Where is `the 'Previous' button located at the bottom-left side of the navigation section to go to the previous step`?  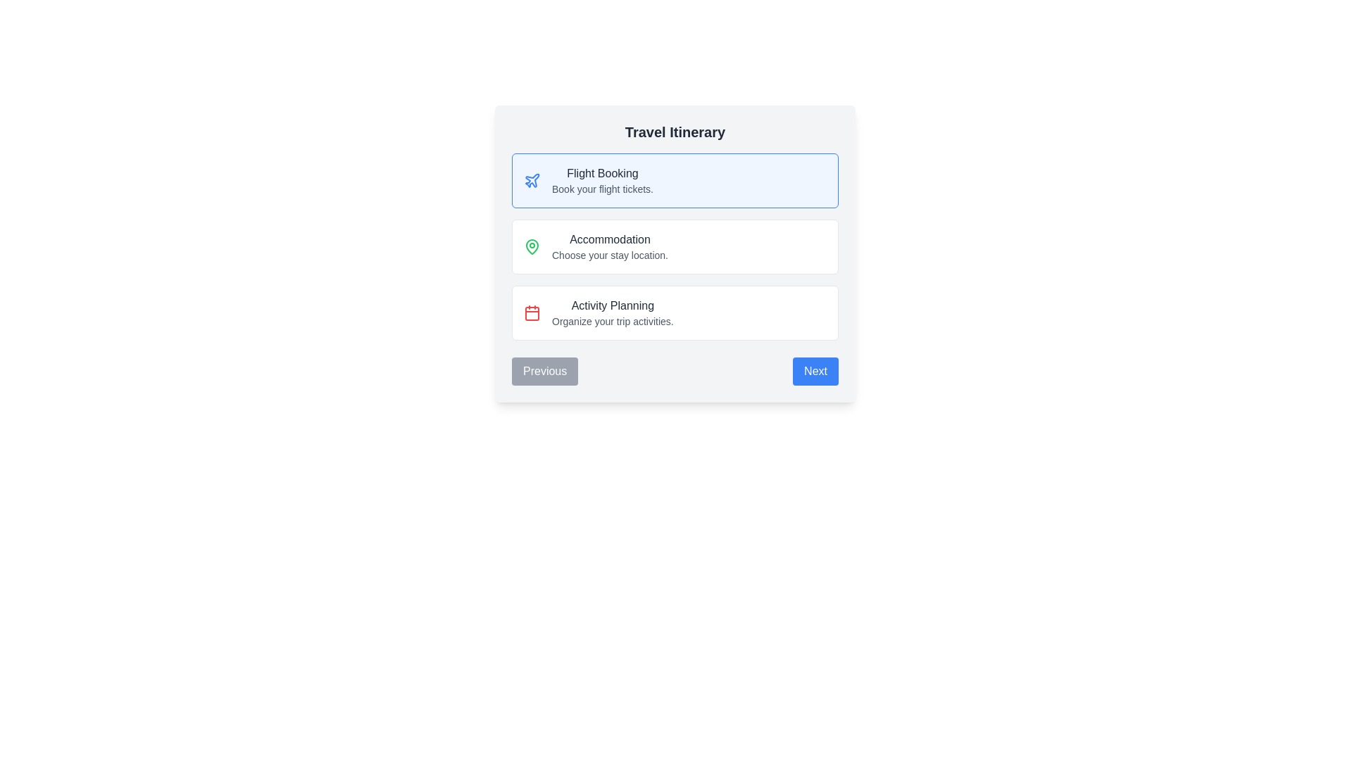
the 'Previous' button located at the bottom-left side of the navigation section to go to the previous step is located at coordinates (544, 371).